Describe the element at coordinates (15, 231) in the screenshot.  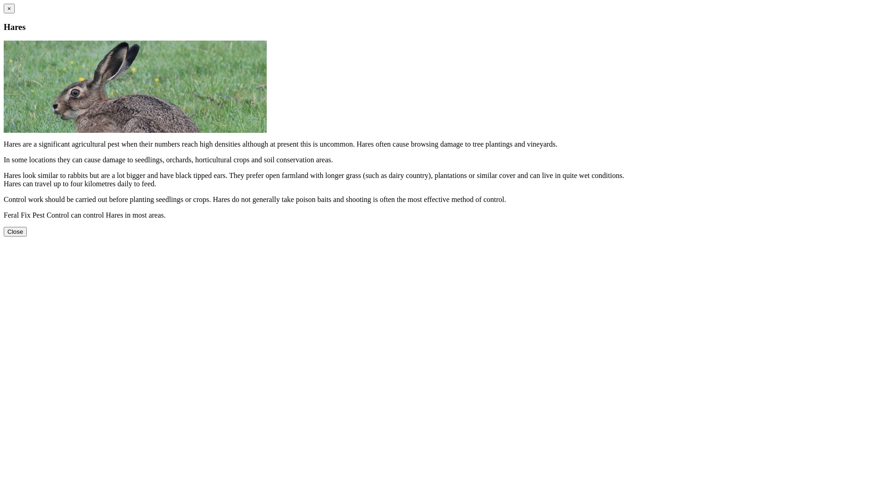
I see `'Close'` at that location.